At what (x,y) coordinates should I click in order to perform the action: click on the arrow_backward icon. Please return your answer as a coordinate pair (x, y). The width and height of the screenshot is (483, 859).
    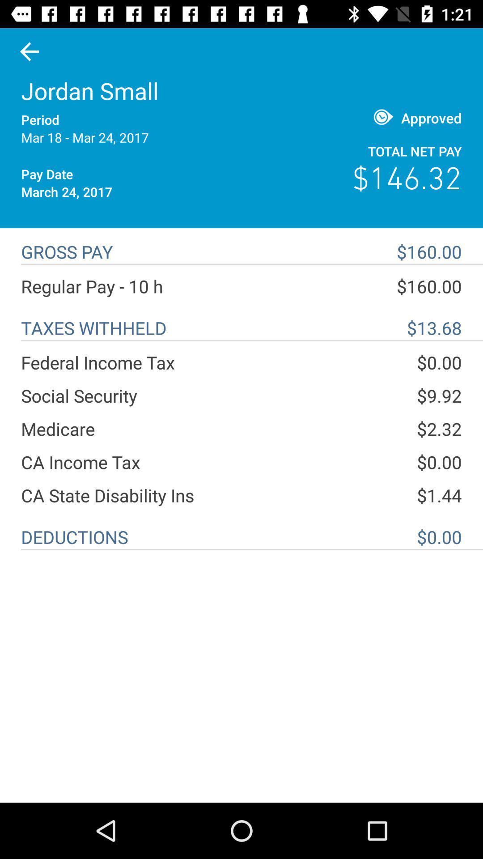
    Looking at the image, I should click on (29, 51).